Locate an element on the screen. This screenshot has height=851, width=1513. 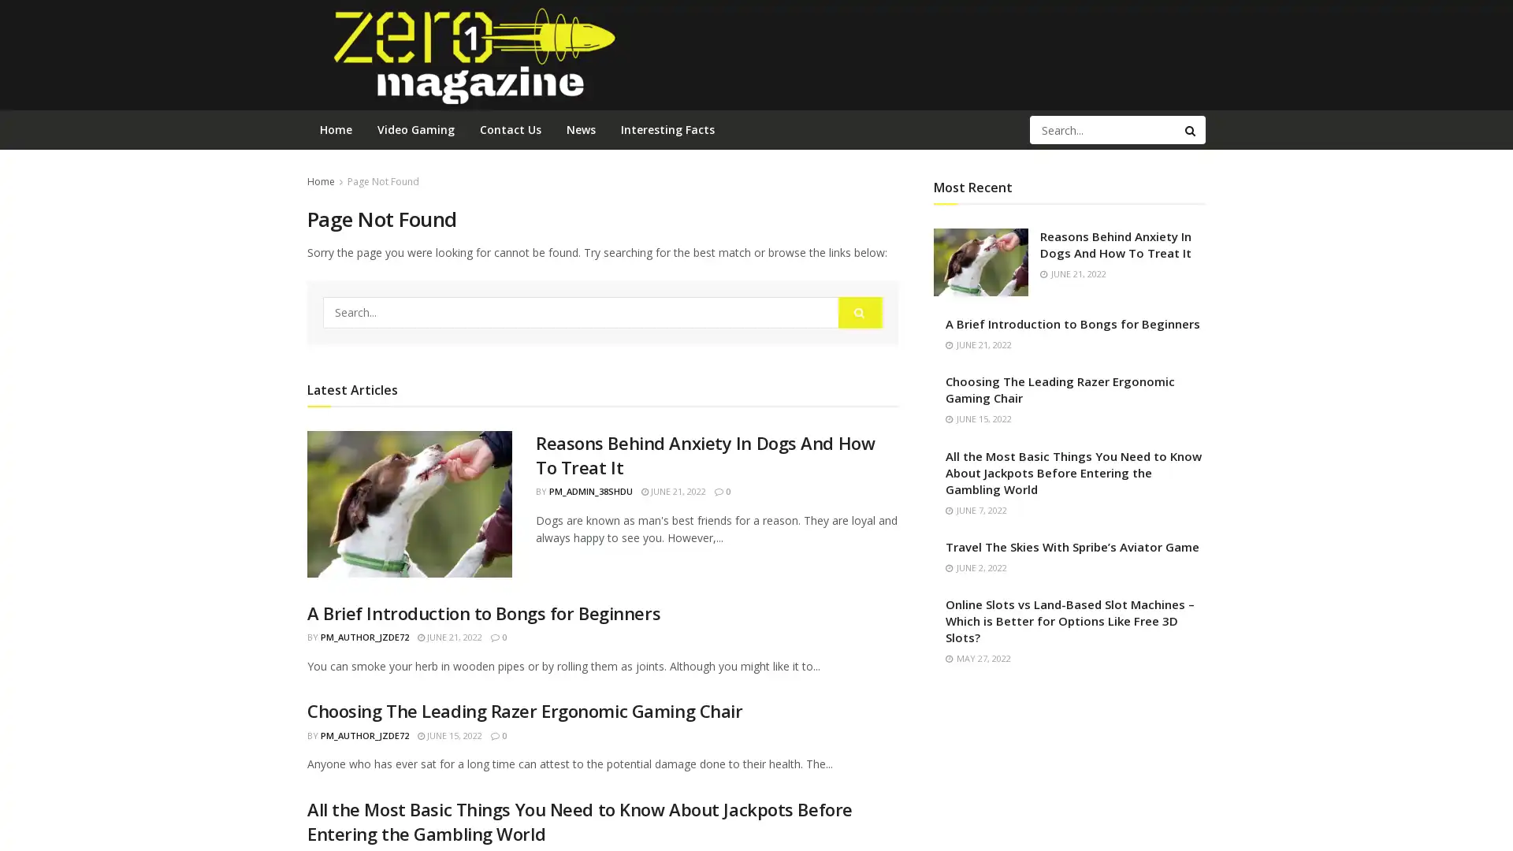
Search Button is located at coordinates (860, 312).